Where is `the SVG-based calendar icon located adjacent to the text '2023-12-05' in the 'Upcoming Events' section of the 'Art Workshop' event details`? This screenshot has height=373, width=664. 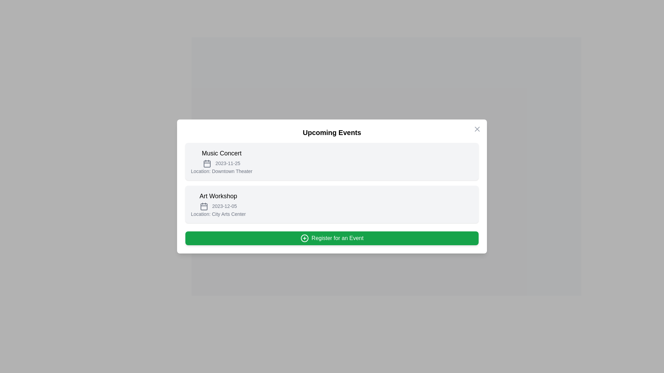
the SVG-based calendar icon located adjacent to the text '2023-12-05' in the 'Upcoming Events' section of the 'Art Workshop' event details is located at coordinates (203, 206).